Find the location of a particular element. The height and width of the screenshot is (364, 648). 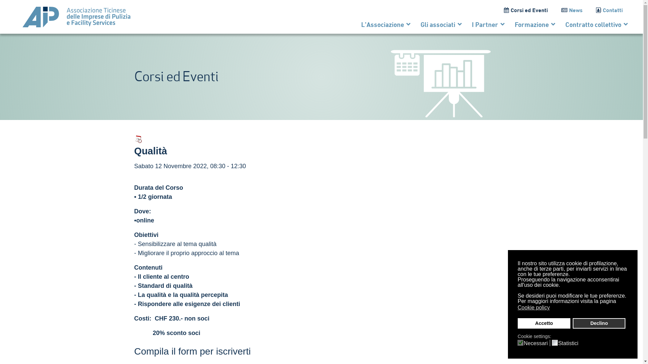

'Gli associati' is located at coordinates (441, 24).